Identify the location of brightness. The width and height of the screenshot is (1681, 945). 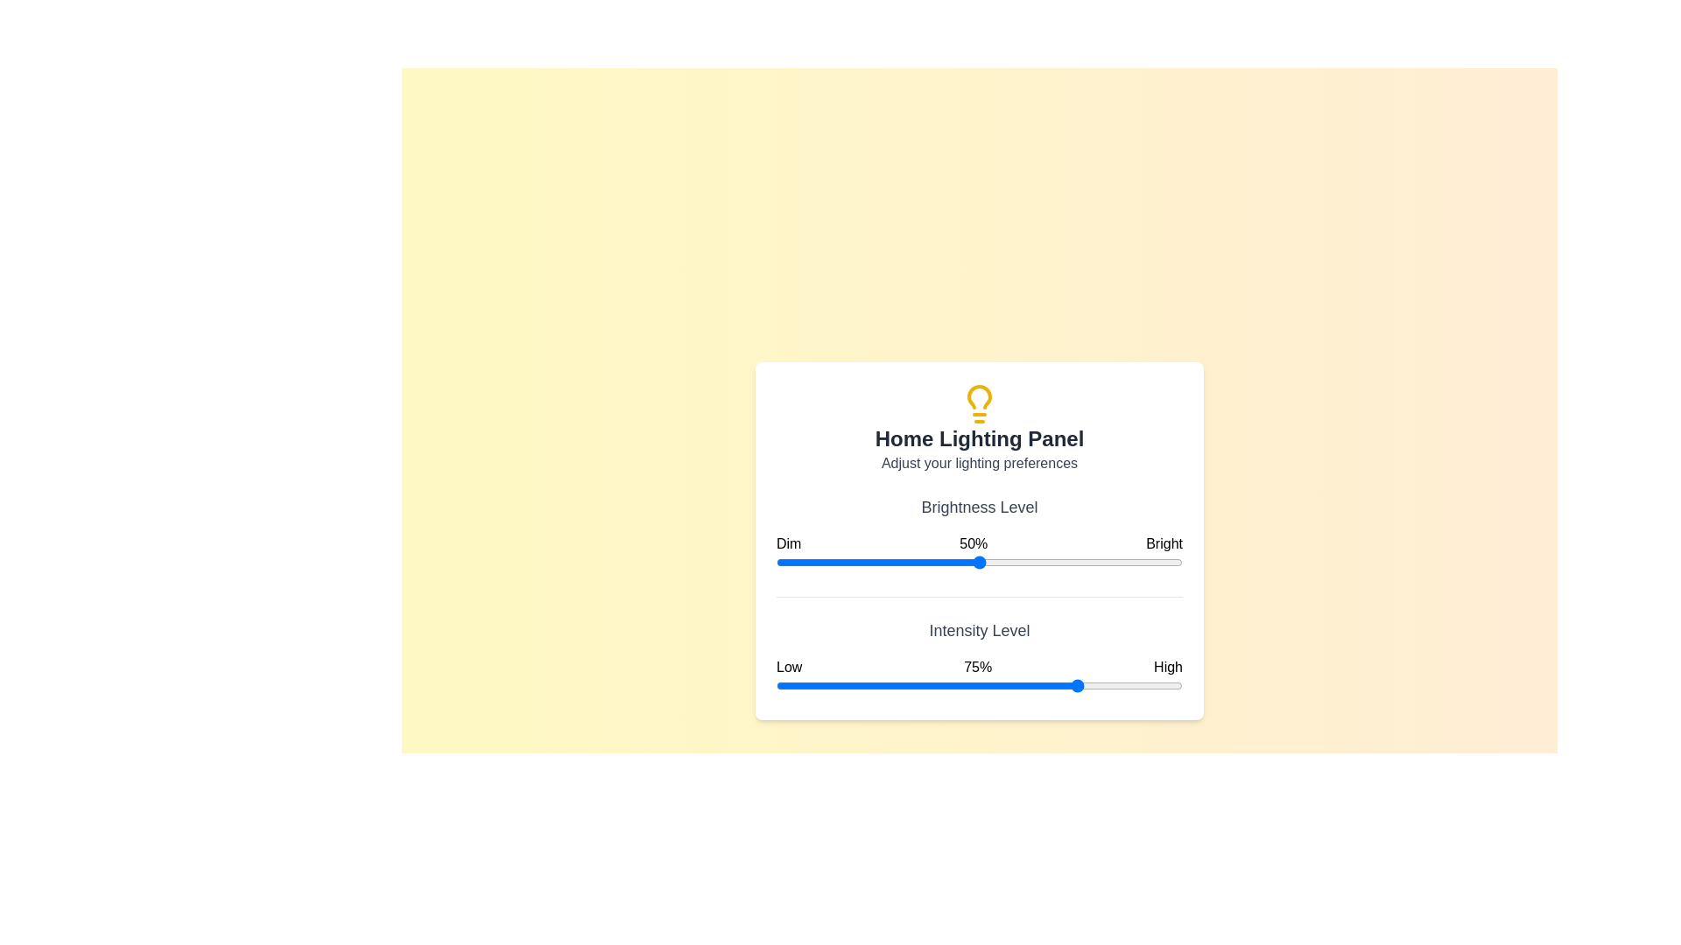
(1154, 562).